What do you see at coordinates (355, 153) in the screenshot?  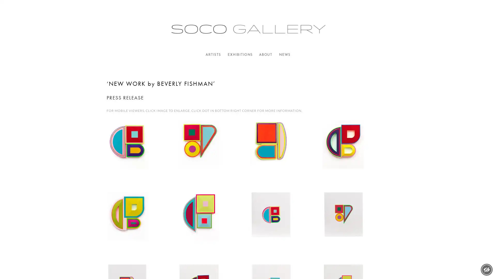 I see `View fullsize BEVERLY FISHMAN Untitled (Pain, Opioid Addiction, Anxiety), 2021 Urethane paint on wood 42.88 x 44 inches INQUIRE +` at bounding box center [355, 153].